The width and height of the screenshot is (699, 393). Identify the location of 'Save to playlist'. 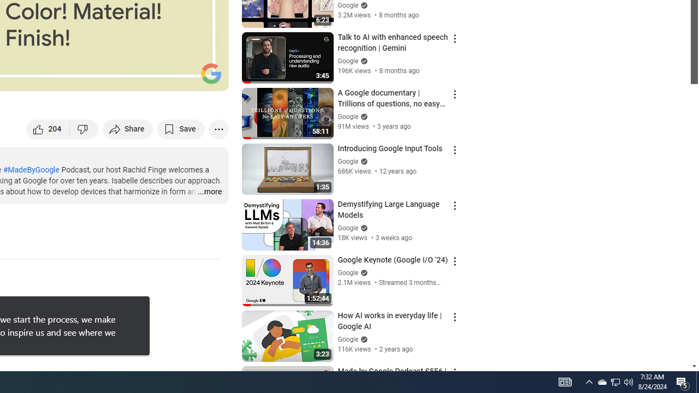
(181, 128).